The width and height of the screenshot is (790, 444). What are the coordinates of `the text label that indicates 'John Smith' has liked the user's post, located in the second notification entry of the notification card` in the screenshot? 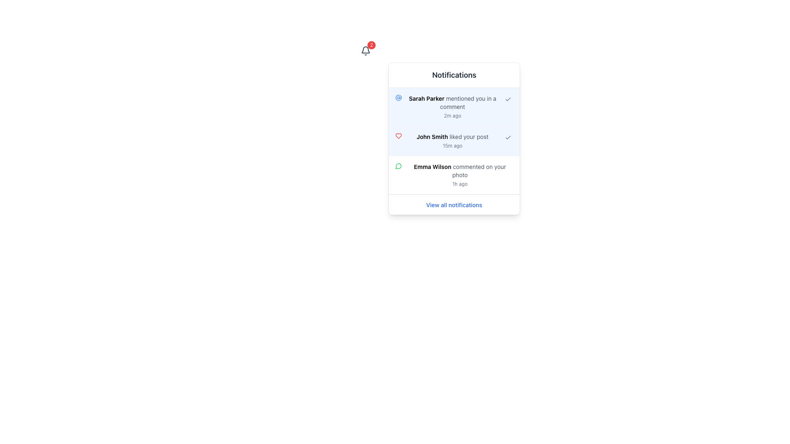 It's located at (452, 136).